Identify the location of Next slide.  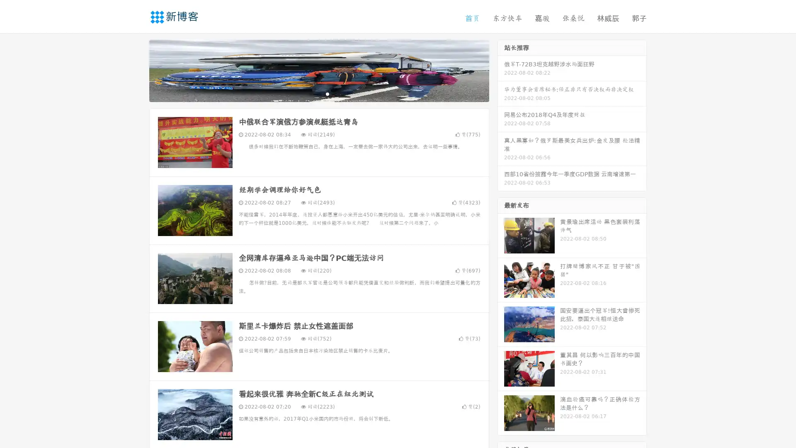
(501, 70).